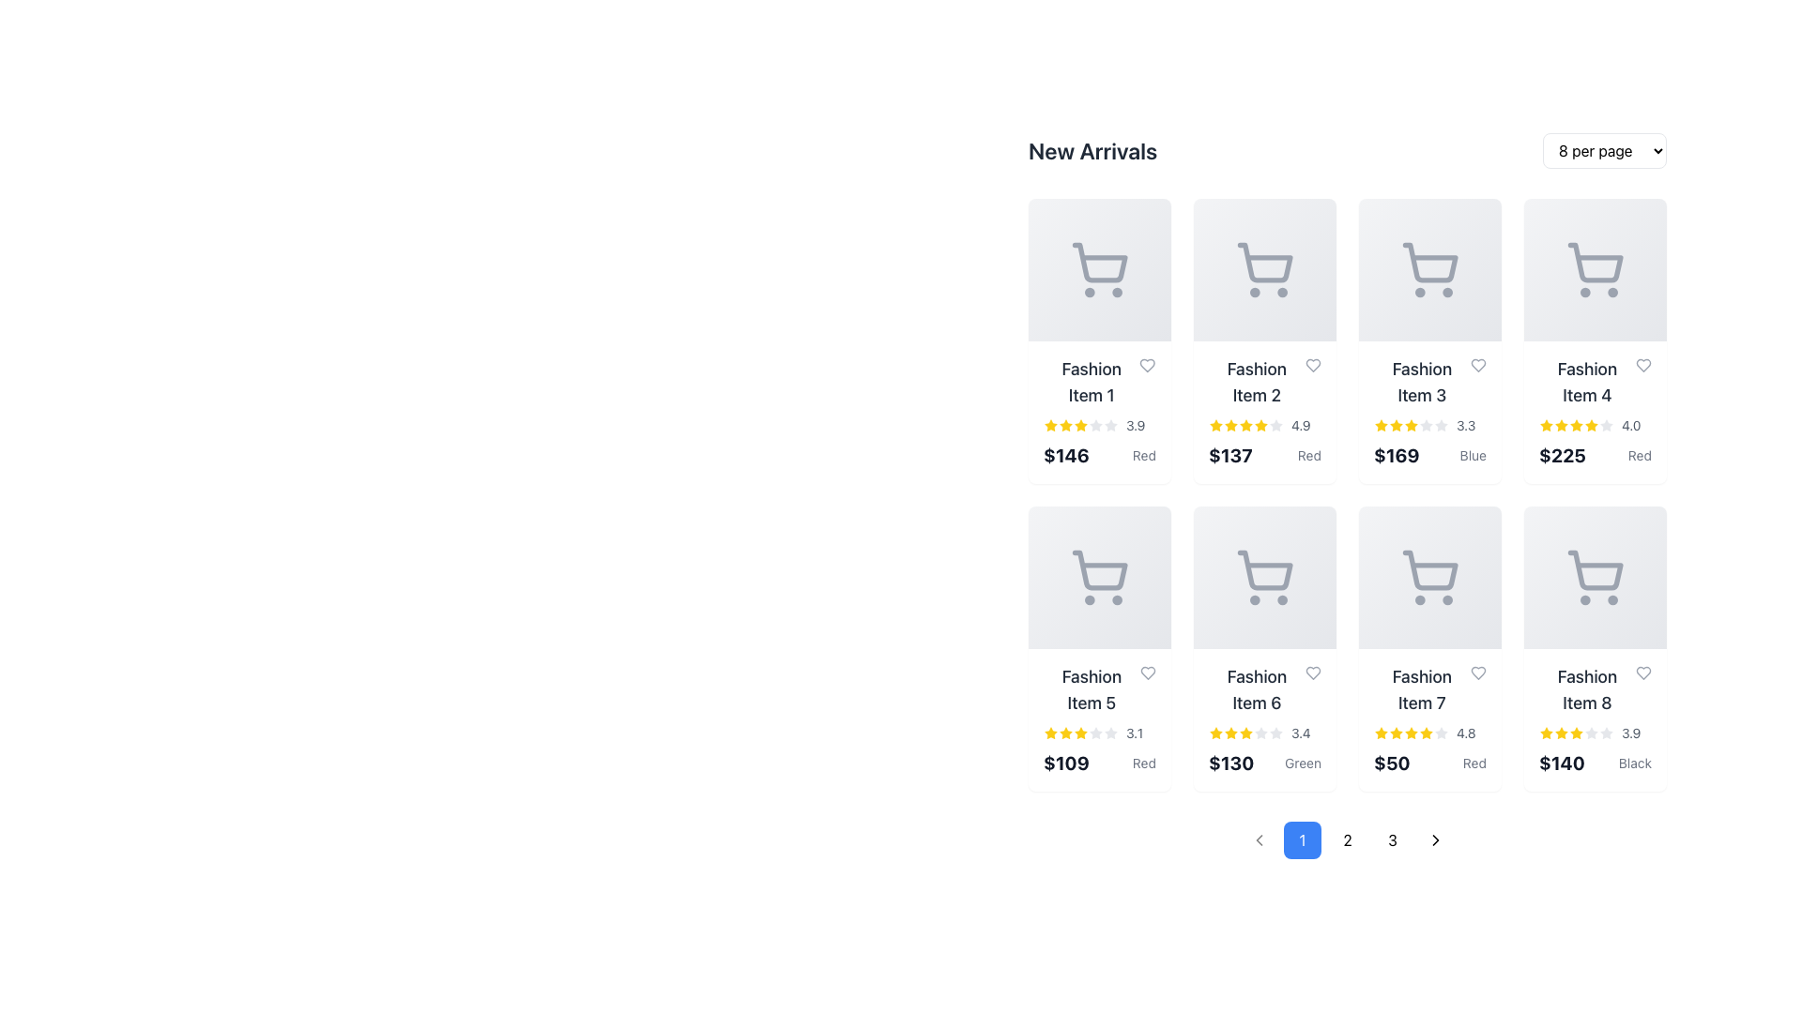 This screenshot has height=1013, width=1802. What do you see at coordinates (1562, 733) in the screenshot?
I see `the state of the third rating star from the left in the rating section for 'Fashion Item 8', which visually indicates the item's rating` at bounding box center [1562, 733].